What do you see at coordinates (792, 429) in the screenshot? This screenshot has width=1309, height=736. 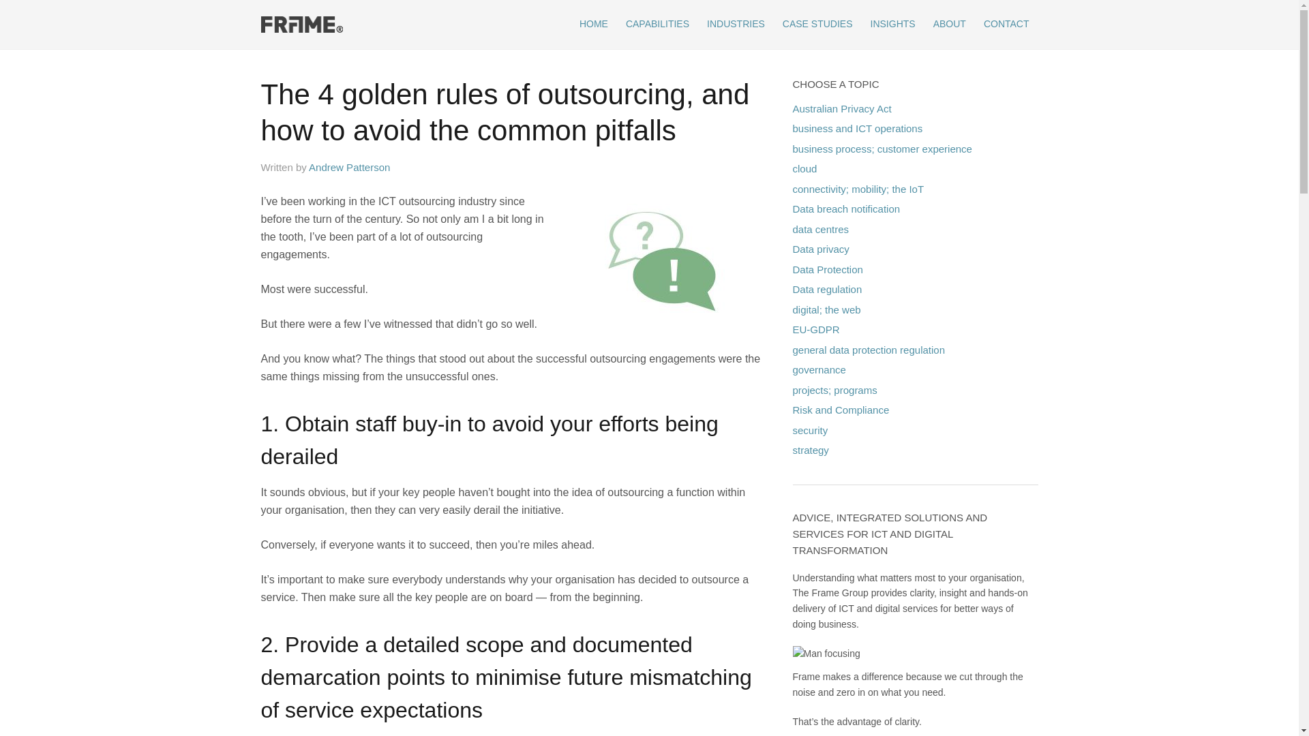 I see `'security'` at bounding box center [792, 429].